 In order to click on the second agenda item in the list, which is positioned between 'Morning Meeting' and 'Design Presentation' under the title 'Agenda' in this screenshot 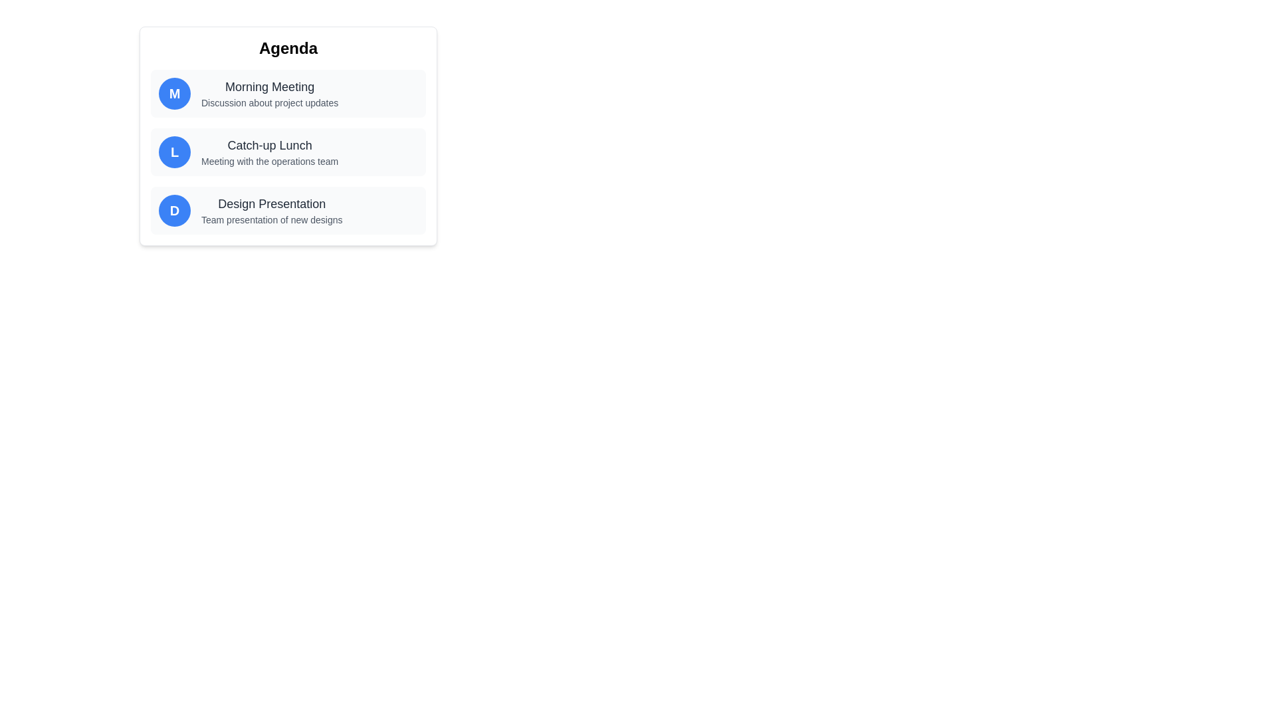, I will do `click(287, 151)`.